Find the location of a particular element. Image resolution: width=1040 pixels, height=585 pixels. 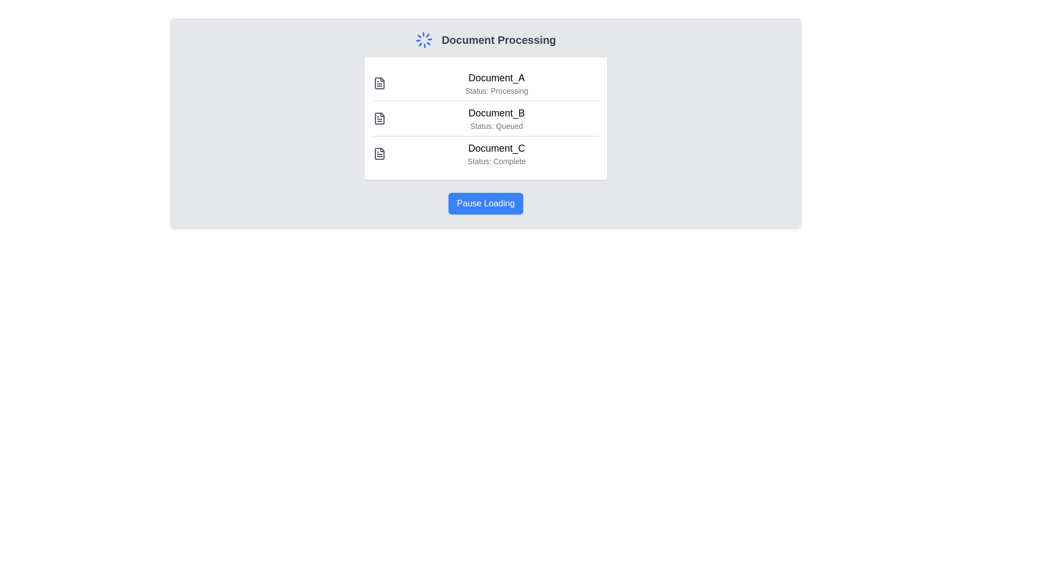

the text label identifying 'Document_C' in the list of documents, which is positioned directly above 'Status: Complete.' is located at coordinates (496, 148).